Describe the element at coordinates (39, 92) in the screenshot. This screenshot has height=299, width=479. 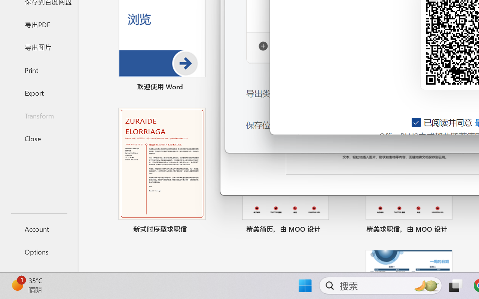
I see `'Export'` at that location.